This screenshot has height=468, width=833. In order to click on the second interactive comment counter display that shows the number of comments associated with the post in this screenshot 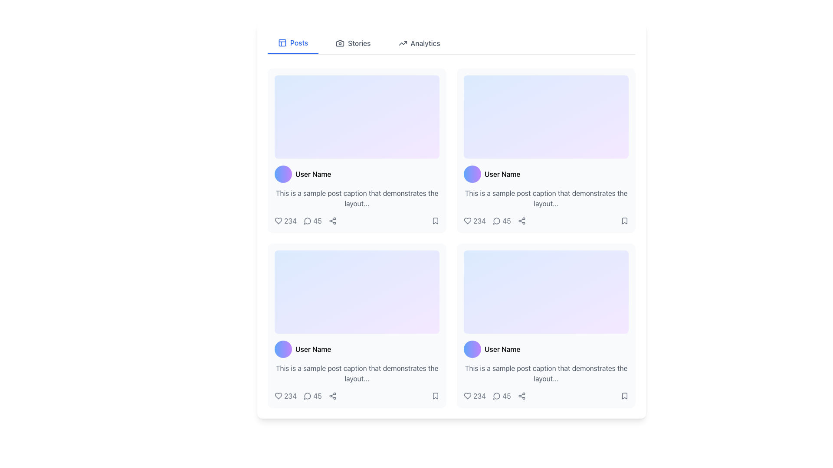, I will do `click(312, 220)`.